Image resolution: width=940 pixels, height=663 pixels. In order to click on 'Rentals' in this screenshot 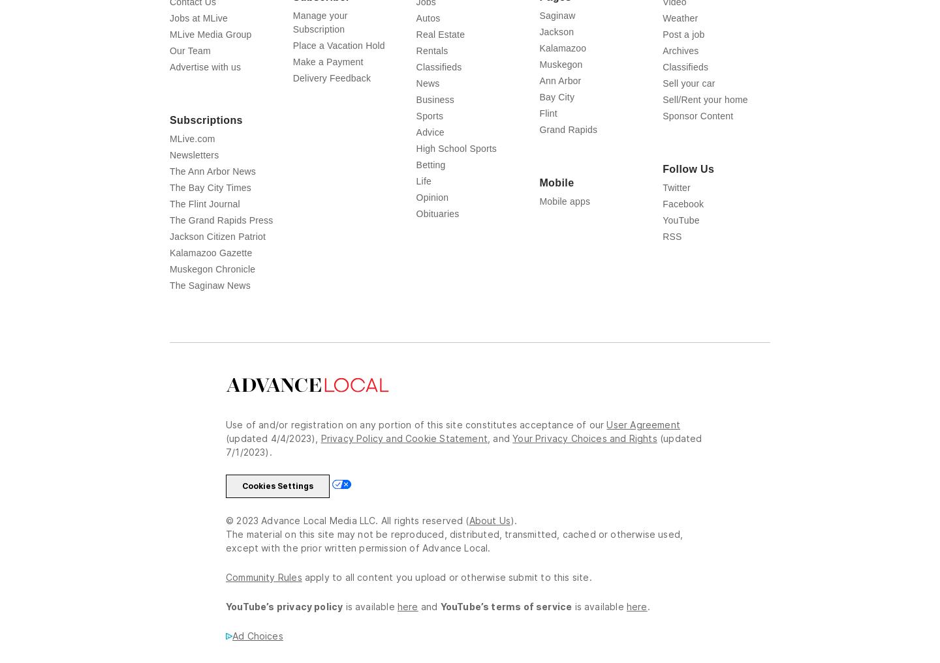, I will do `click(431, 51)`.